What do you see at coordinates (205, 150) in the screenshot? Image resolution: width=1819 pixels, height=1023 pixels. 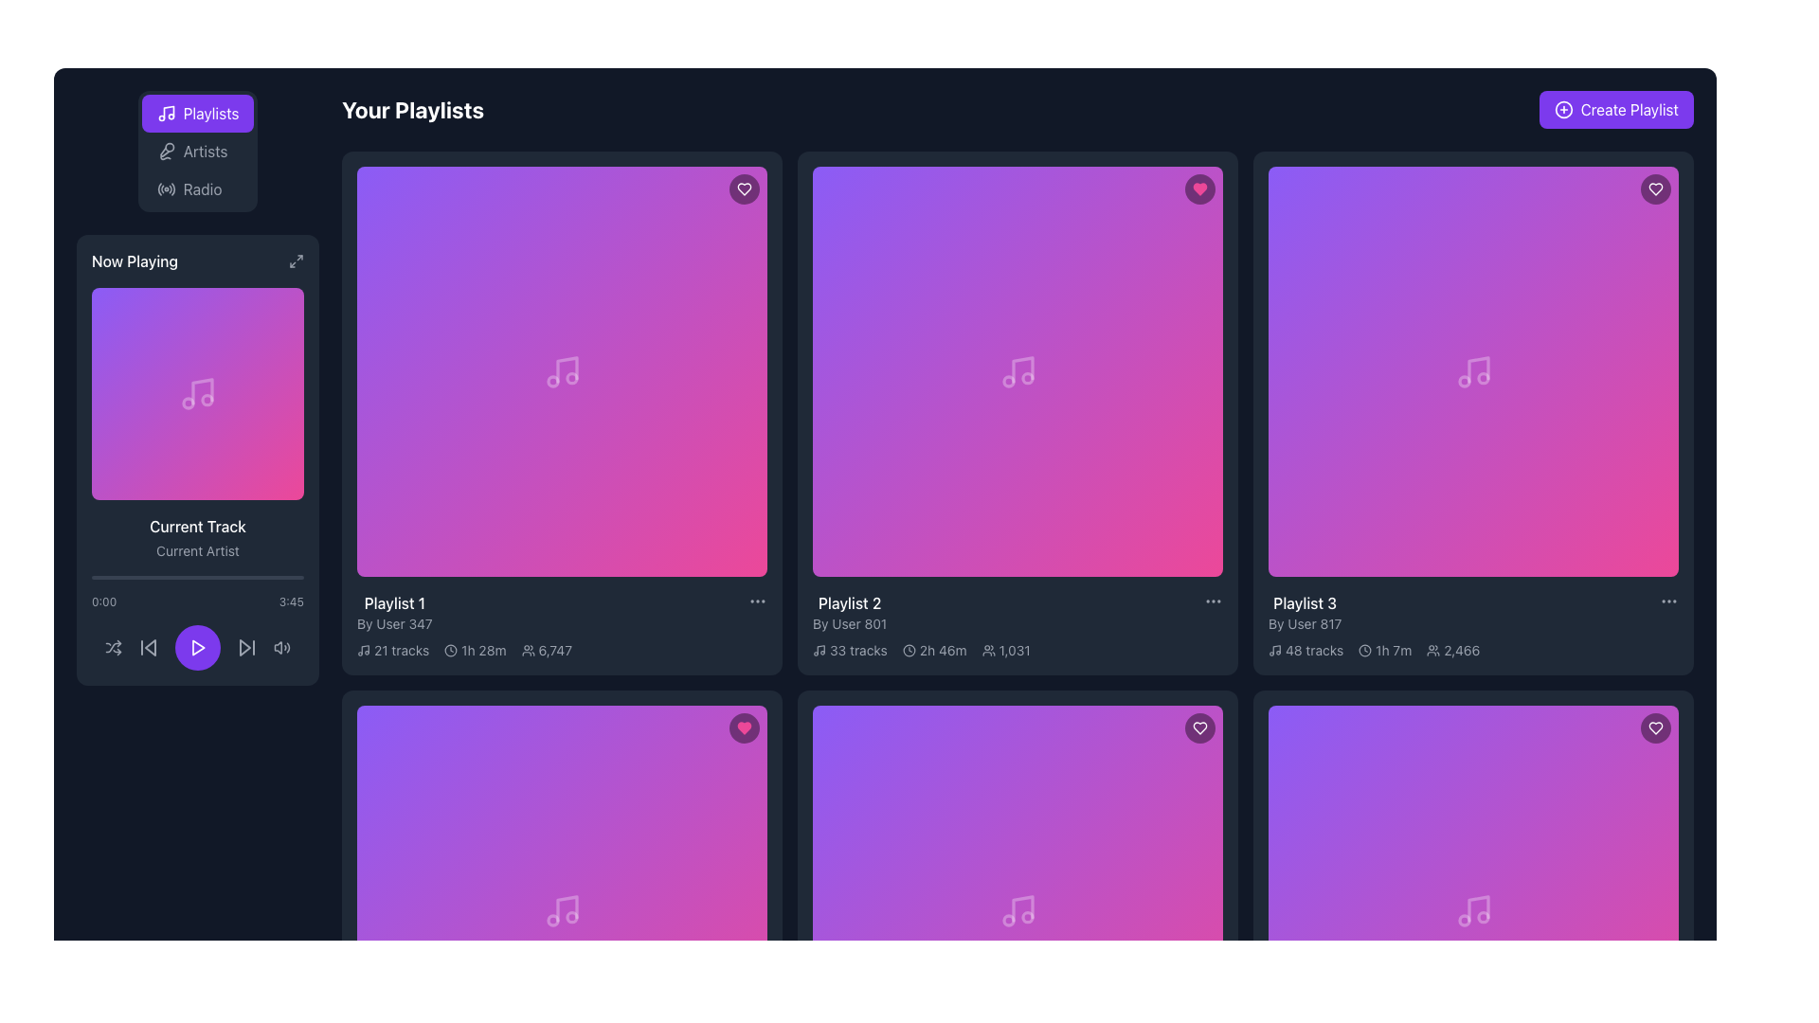 I see `the 'Artists' text label located in the left sidebar of the application, positioned as the second item in the navigation menu, underneath 'Playlists' and above 'Radio'` at bounding box center [205, 150].